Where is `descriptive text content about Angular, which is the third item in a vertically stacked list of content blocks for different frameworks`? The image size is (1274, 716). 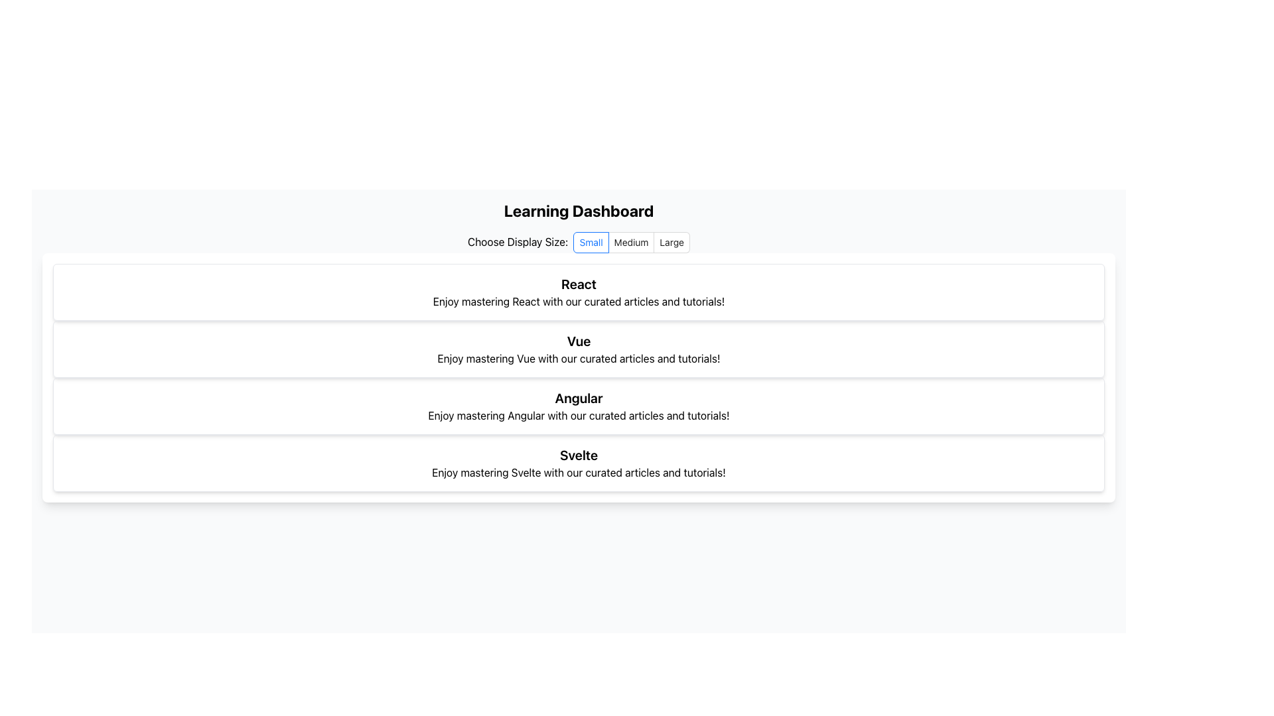 descriptive text content about Angular, which is the third item in a vertically stacked list of content blocks for different frameworks is located at coordinates (579, 415).